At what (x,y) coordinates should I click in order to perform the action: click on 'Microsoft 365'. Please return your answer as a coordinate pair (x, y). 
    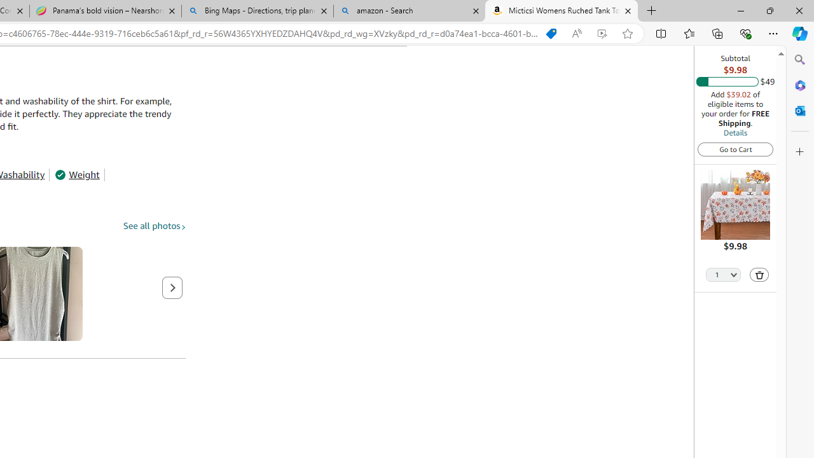
    Looking at the image, I should click on (799, 85).